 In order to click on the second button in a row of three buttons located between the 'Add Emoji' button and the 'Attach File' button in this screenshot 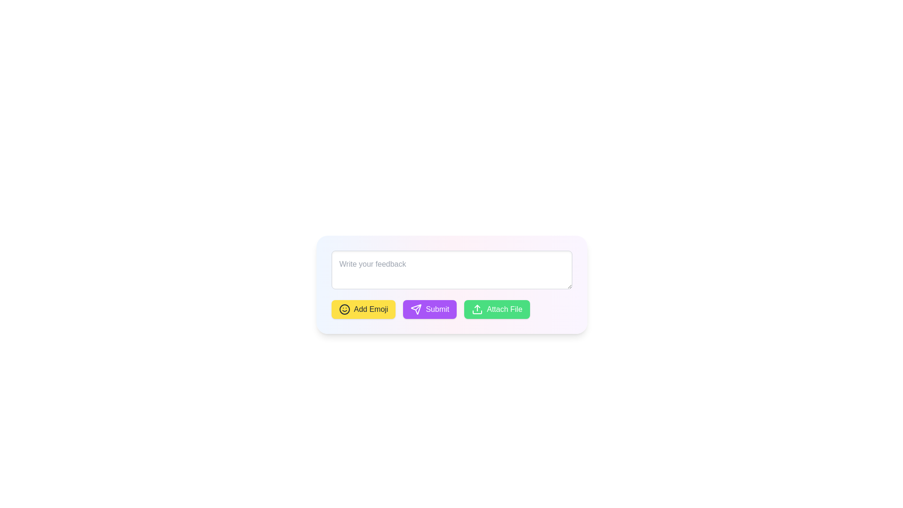, I will do `click(451, 310)`.